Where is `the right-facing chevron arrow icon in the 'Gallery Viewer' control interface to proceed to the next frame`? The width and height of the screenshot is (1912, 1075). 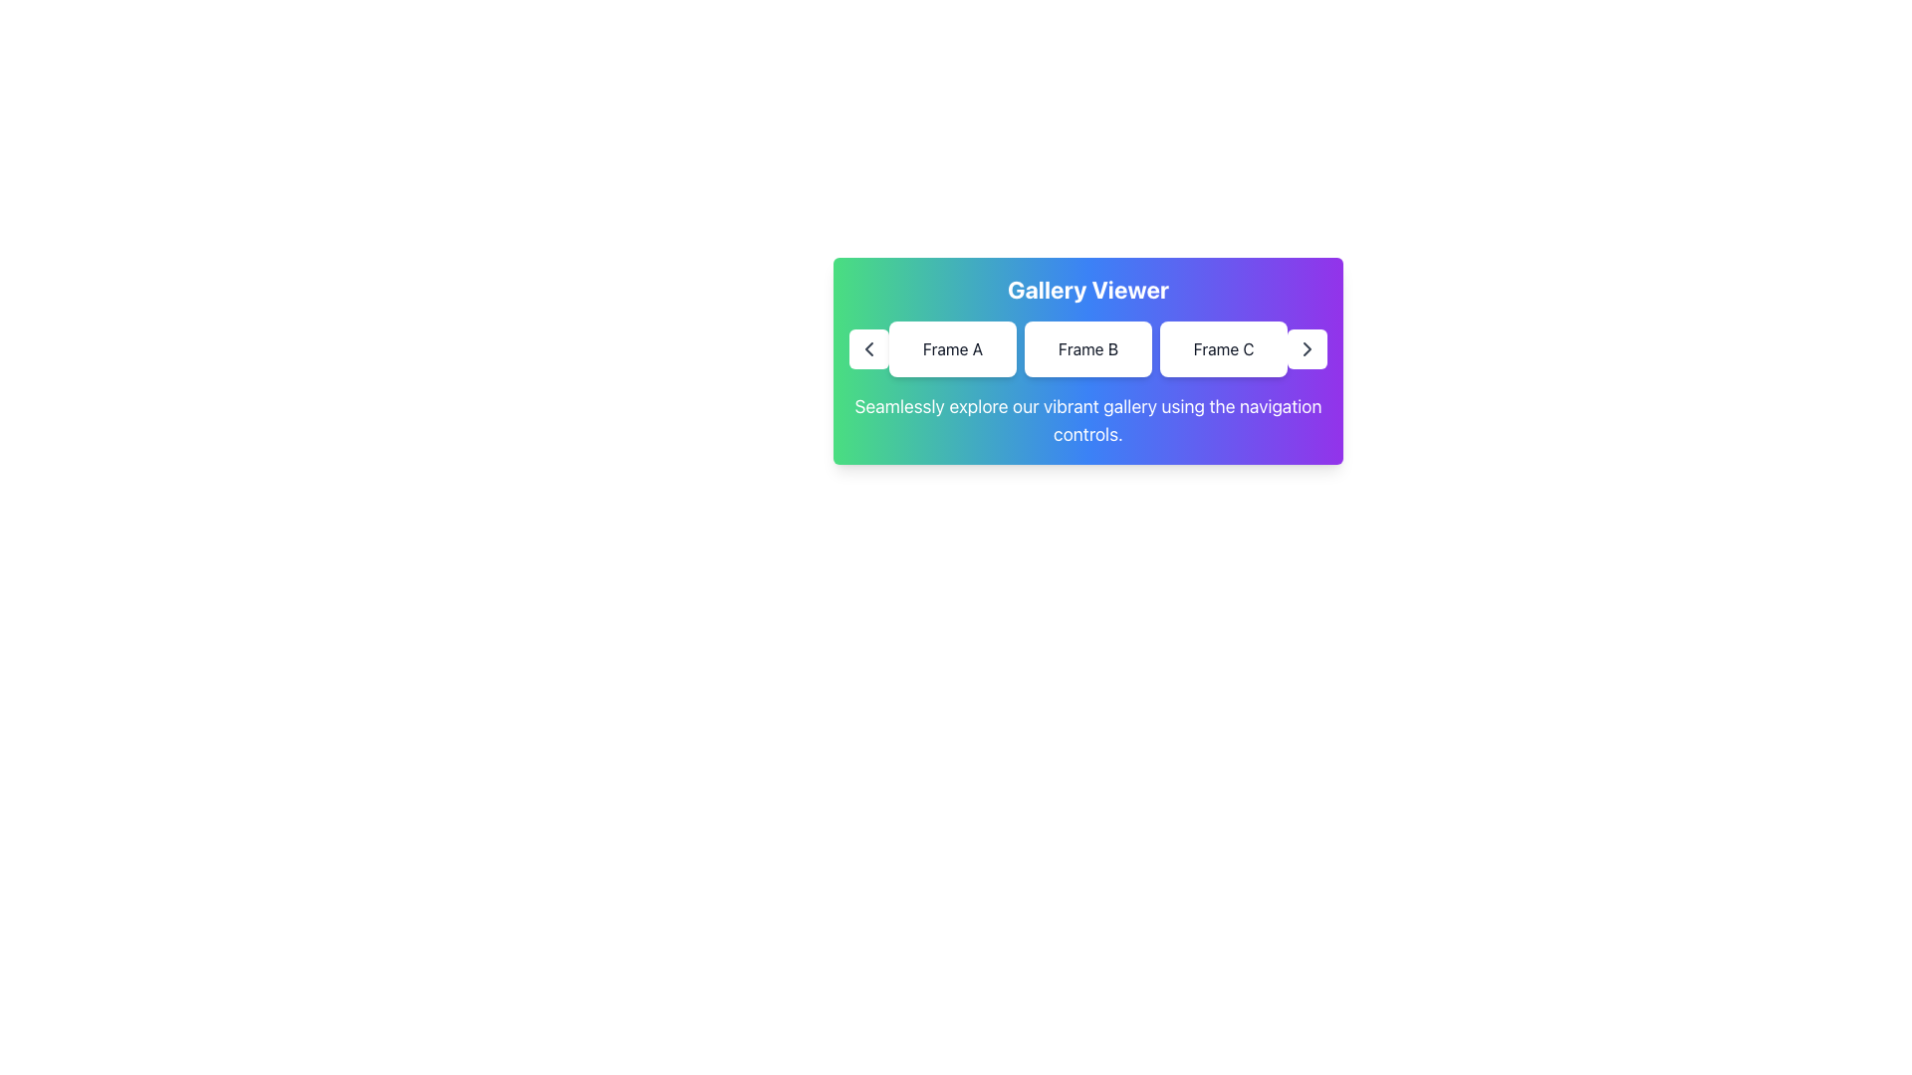
the right-facing chevron arrow icon in the 'Gallery Viewer' control interface to proceed to the next frame is located at coordinates (1308, 348).